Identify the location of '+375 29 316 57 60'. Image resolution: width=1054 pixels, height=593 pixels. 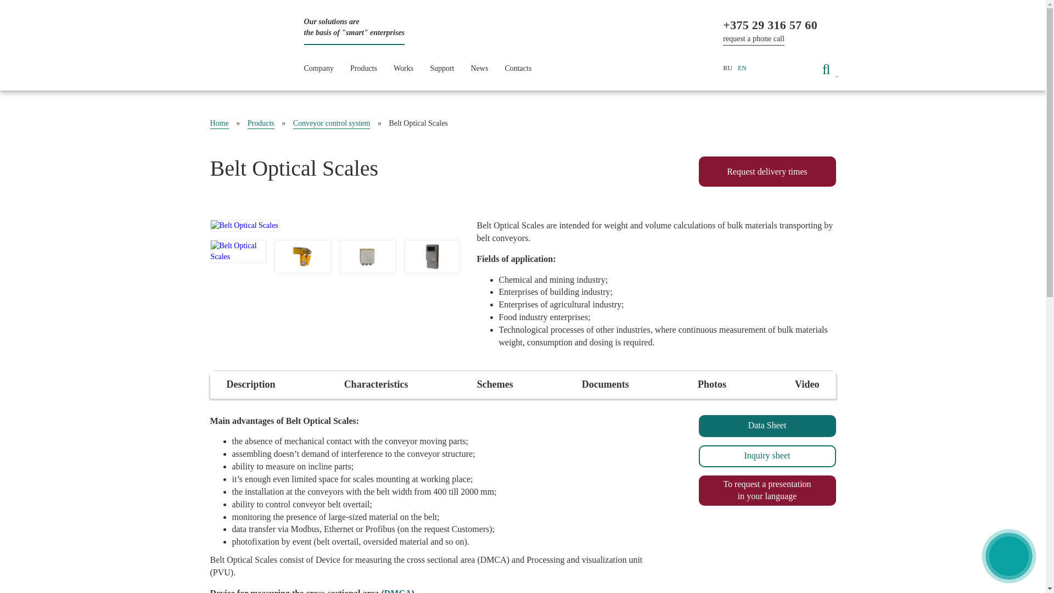
(769, 25).